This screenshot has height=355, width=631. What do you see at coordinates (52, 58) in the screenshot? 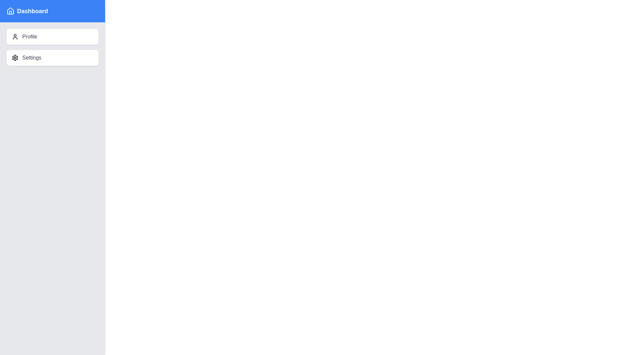
I see `the 'Settings' menu item` at bounding box center [52, 58].